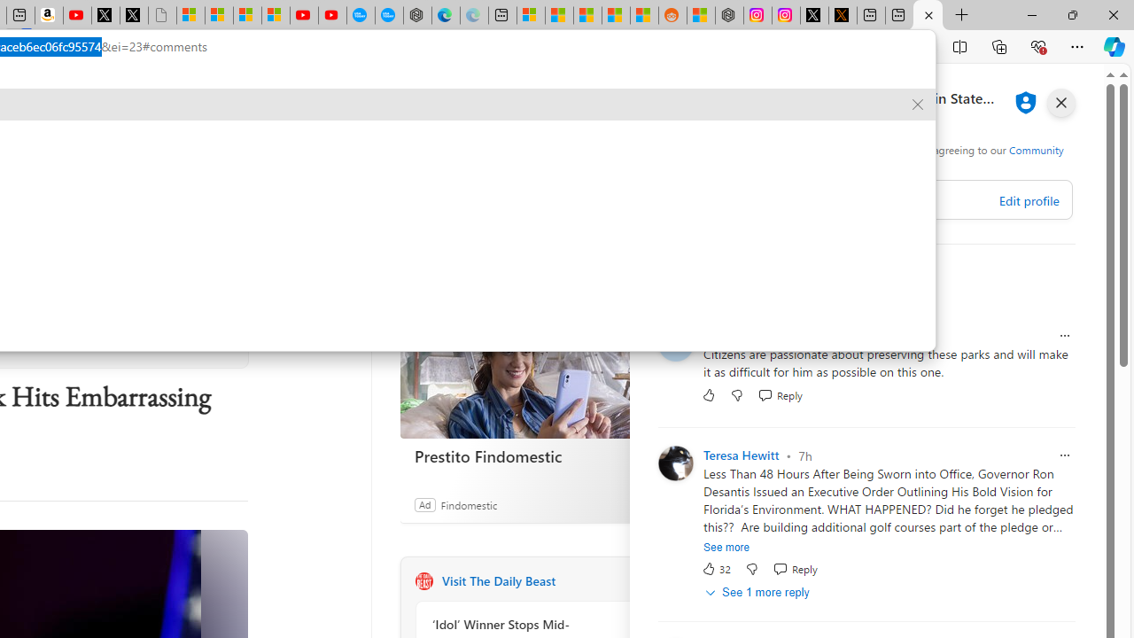  What do you see at coordinates (742, 455) in the screenshot?
I see `'Teresa Hewitt'` at bounding box center [742, 455].